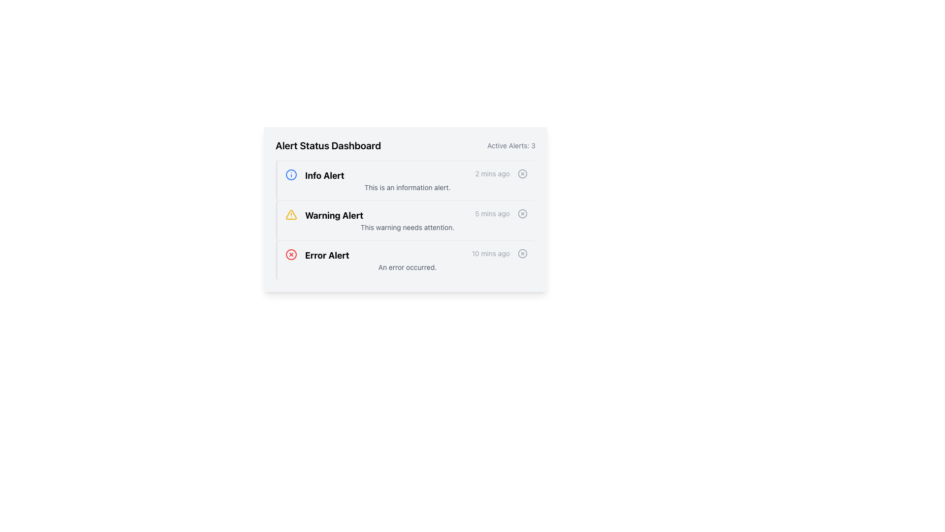 This screenshot has width=945, height=532. I want to click on static text message 'This warning needs attention.' which is part of the 'Warning Alert' group, positioned below the 'Warning Alert' heading, so click(408, 228).